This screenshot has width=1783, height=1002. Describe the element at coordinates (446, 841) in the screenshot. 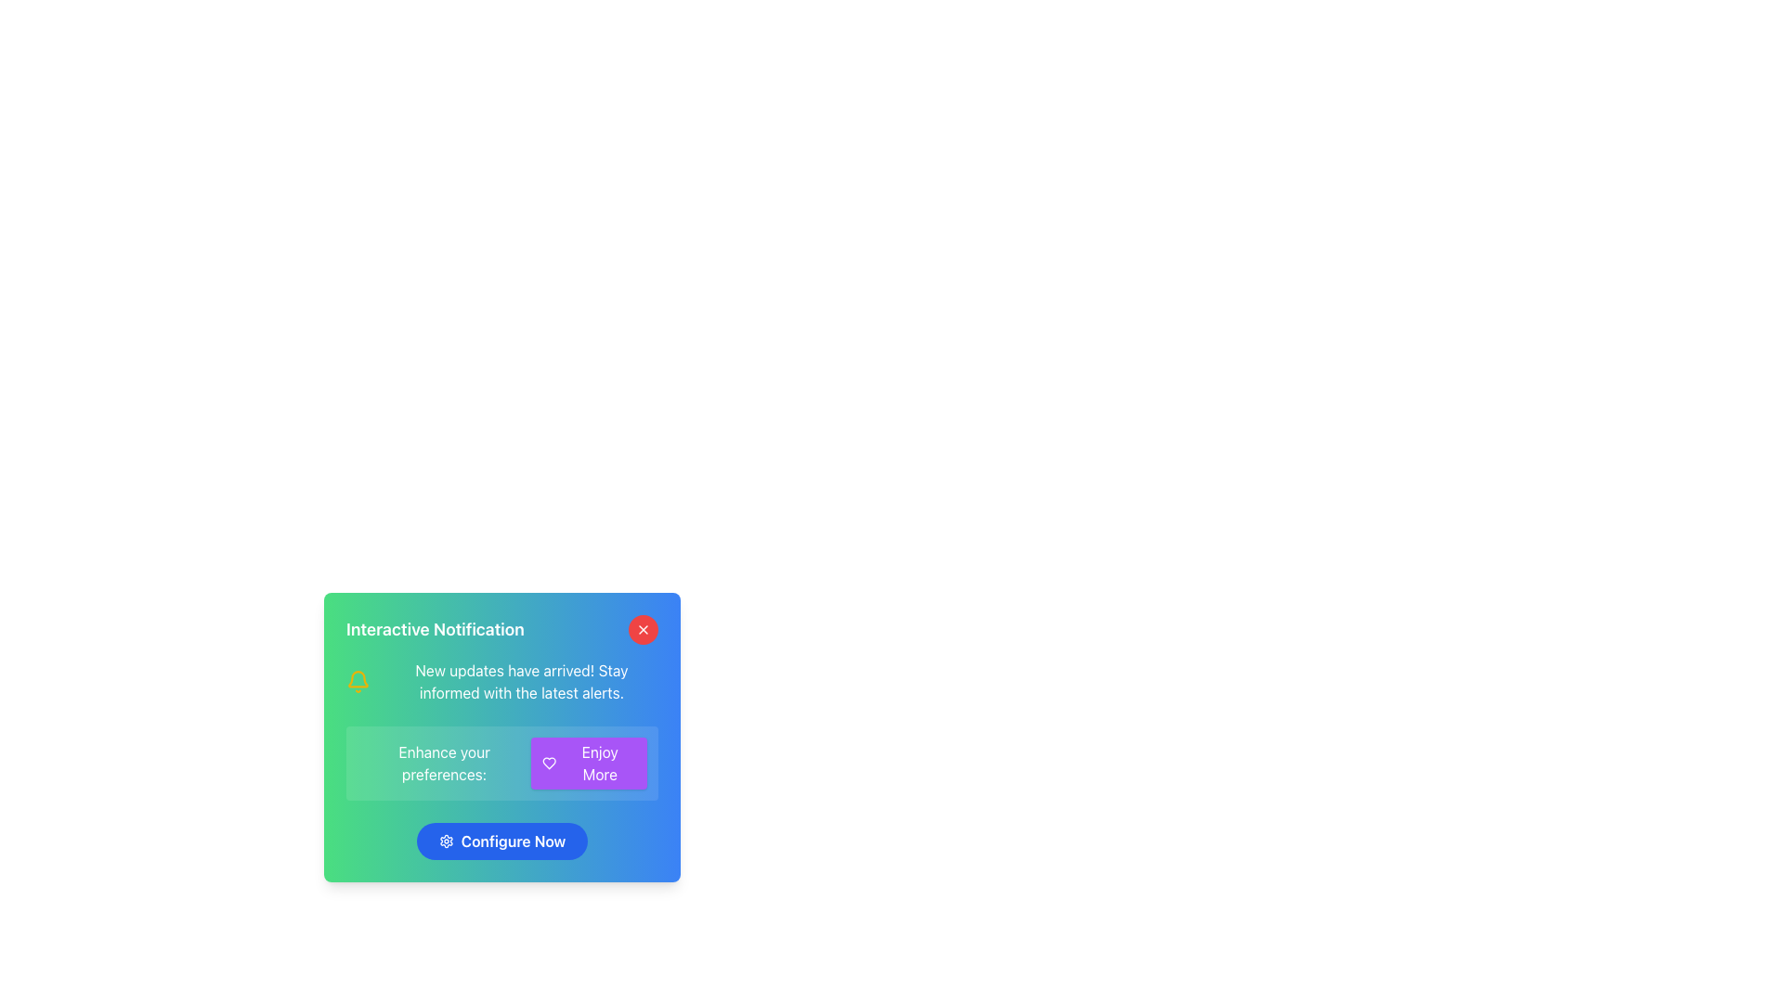

I see `the settings SVG icon located within the 'Configure Now' button on the notification card` at that location.